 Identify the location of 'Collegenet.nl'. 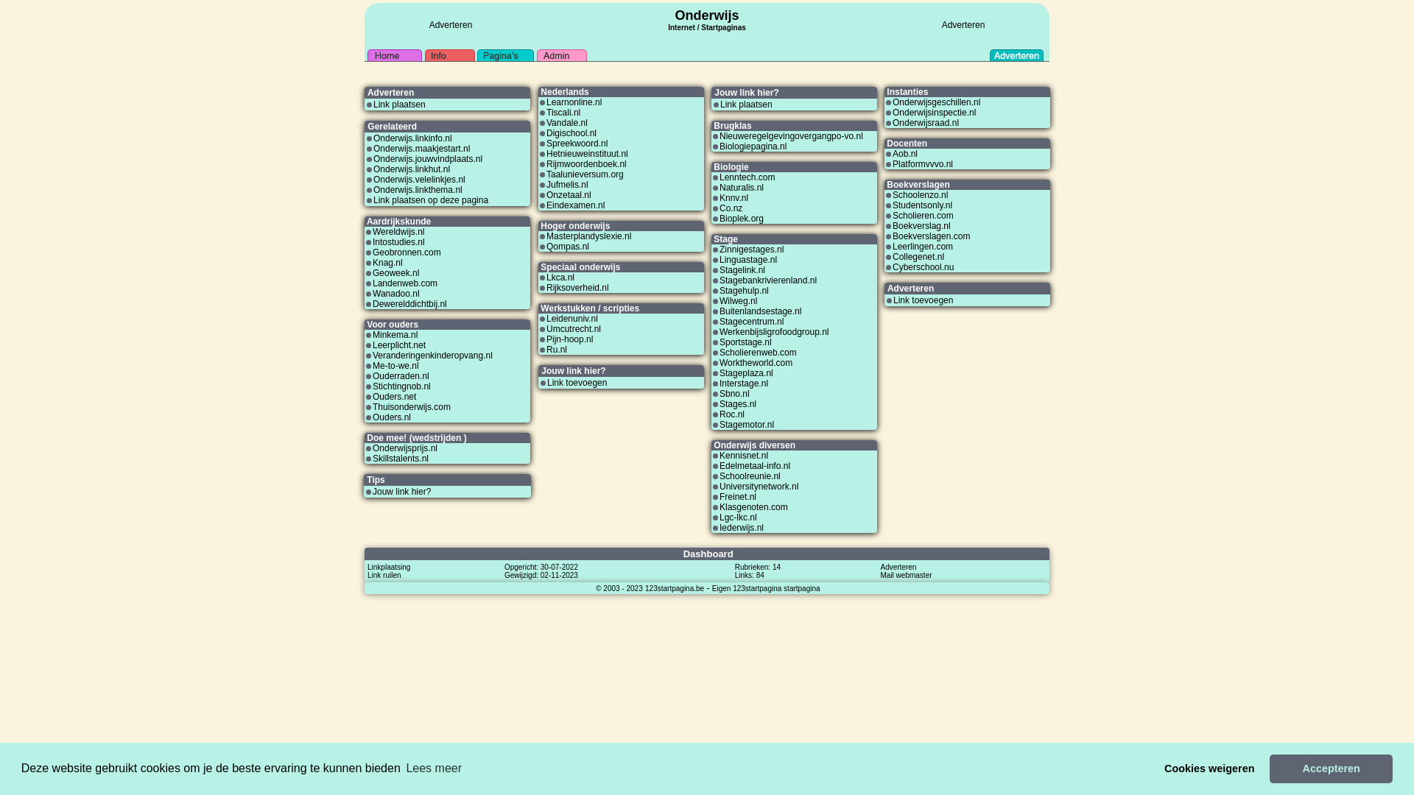
(891, 255).